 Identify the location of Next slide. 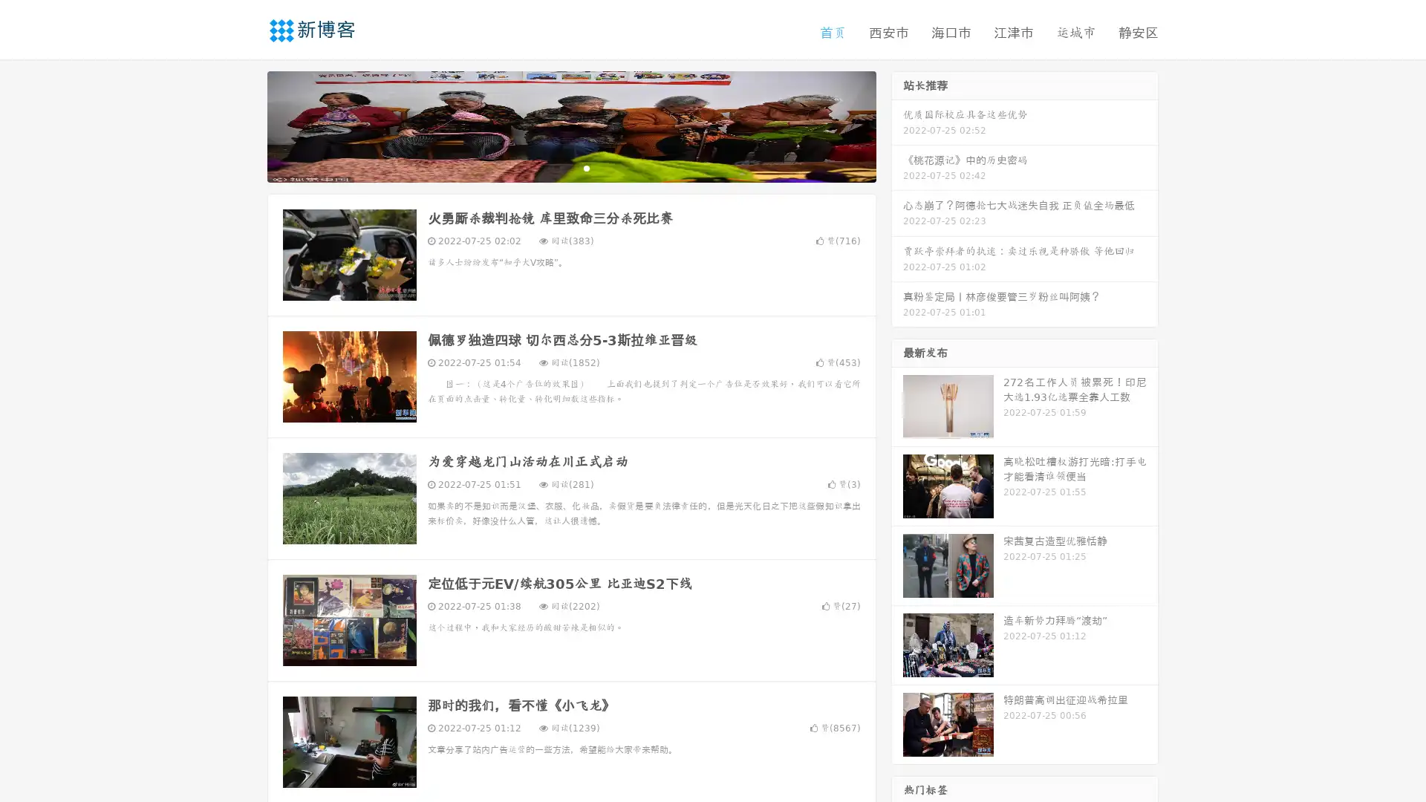
(897, 125).